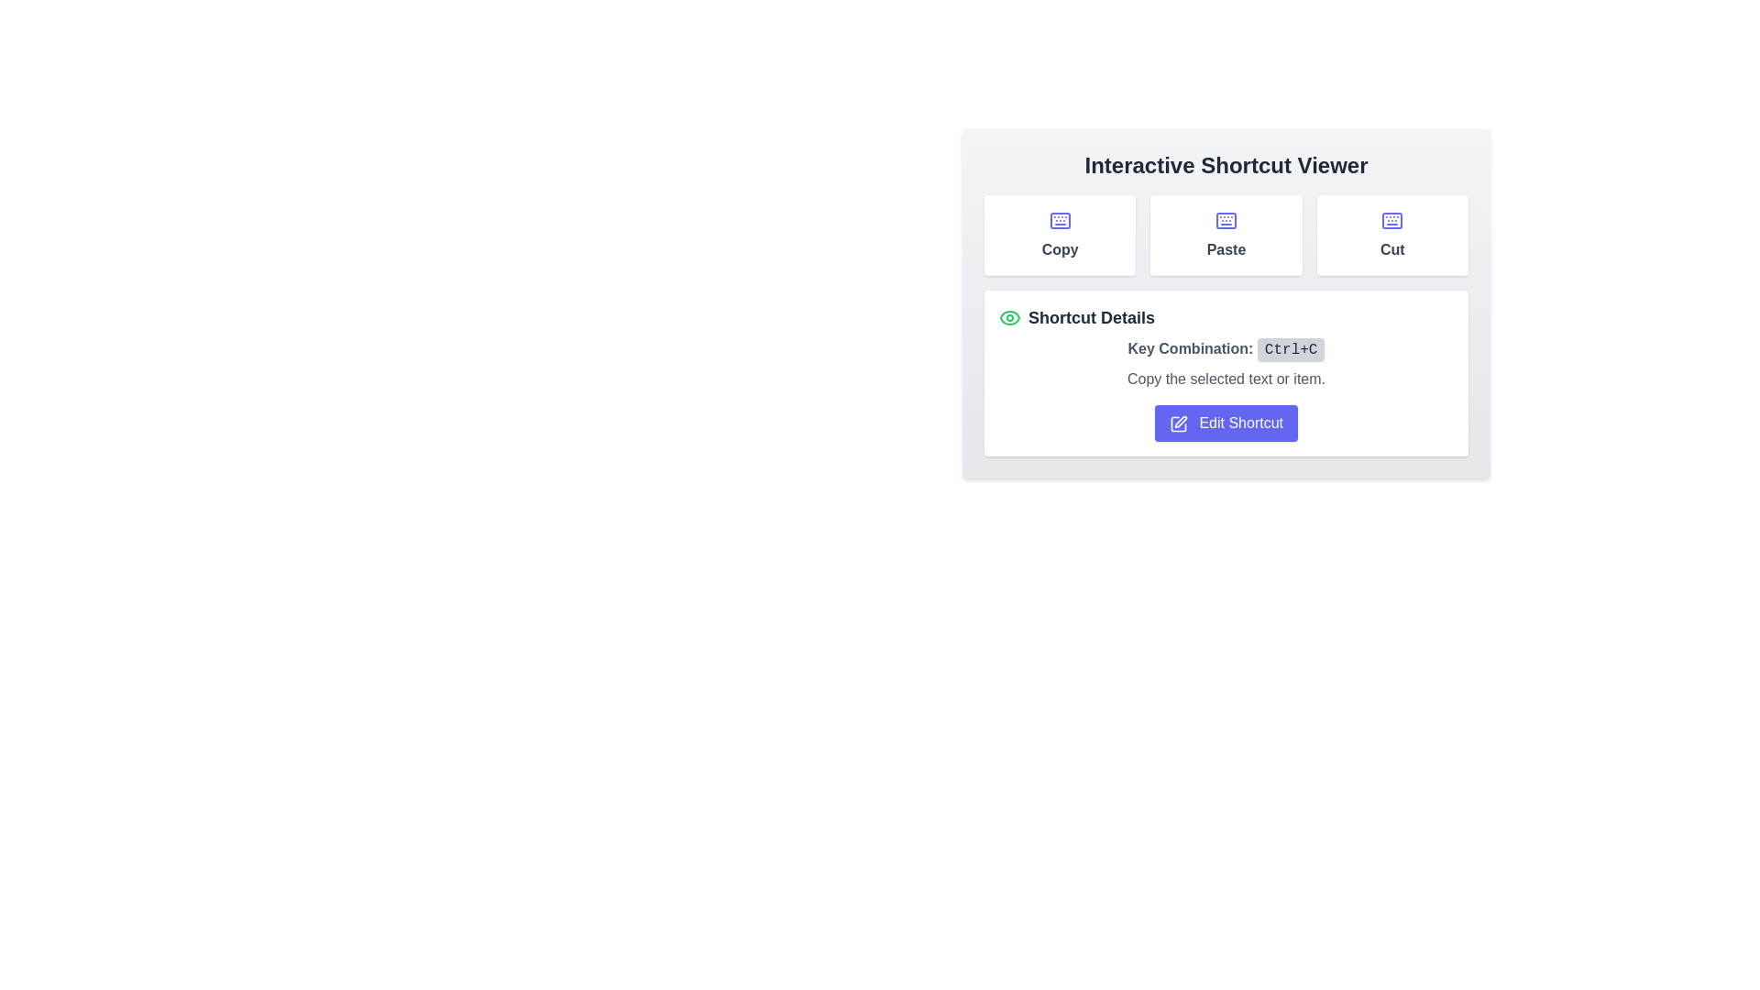 This screenshot has height=990, width=1760. Describe the element at coordinates (1190, 348) in the screenshot. I see `the label indicating the key combination associated with a shortcut, located in the lower half of the interface within the 'Shortcut Details' section` at that location.